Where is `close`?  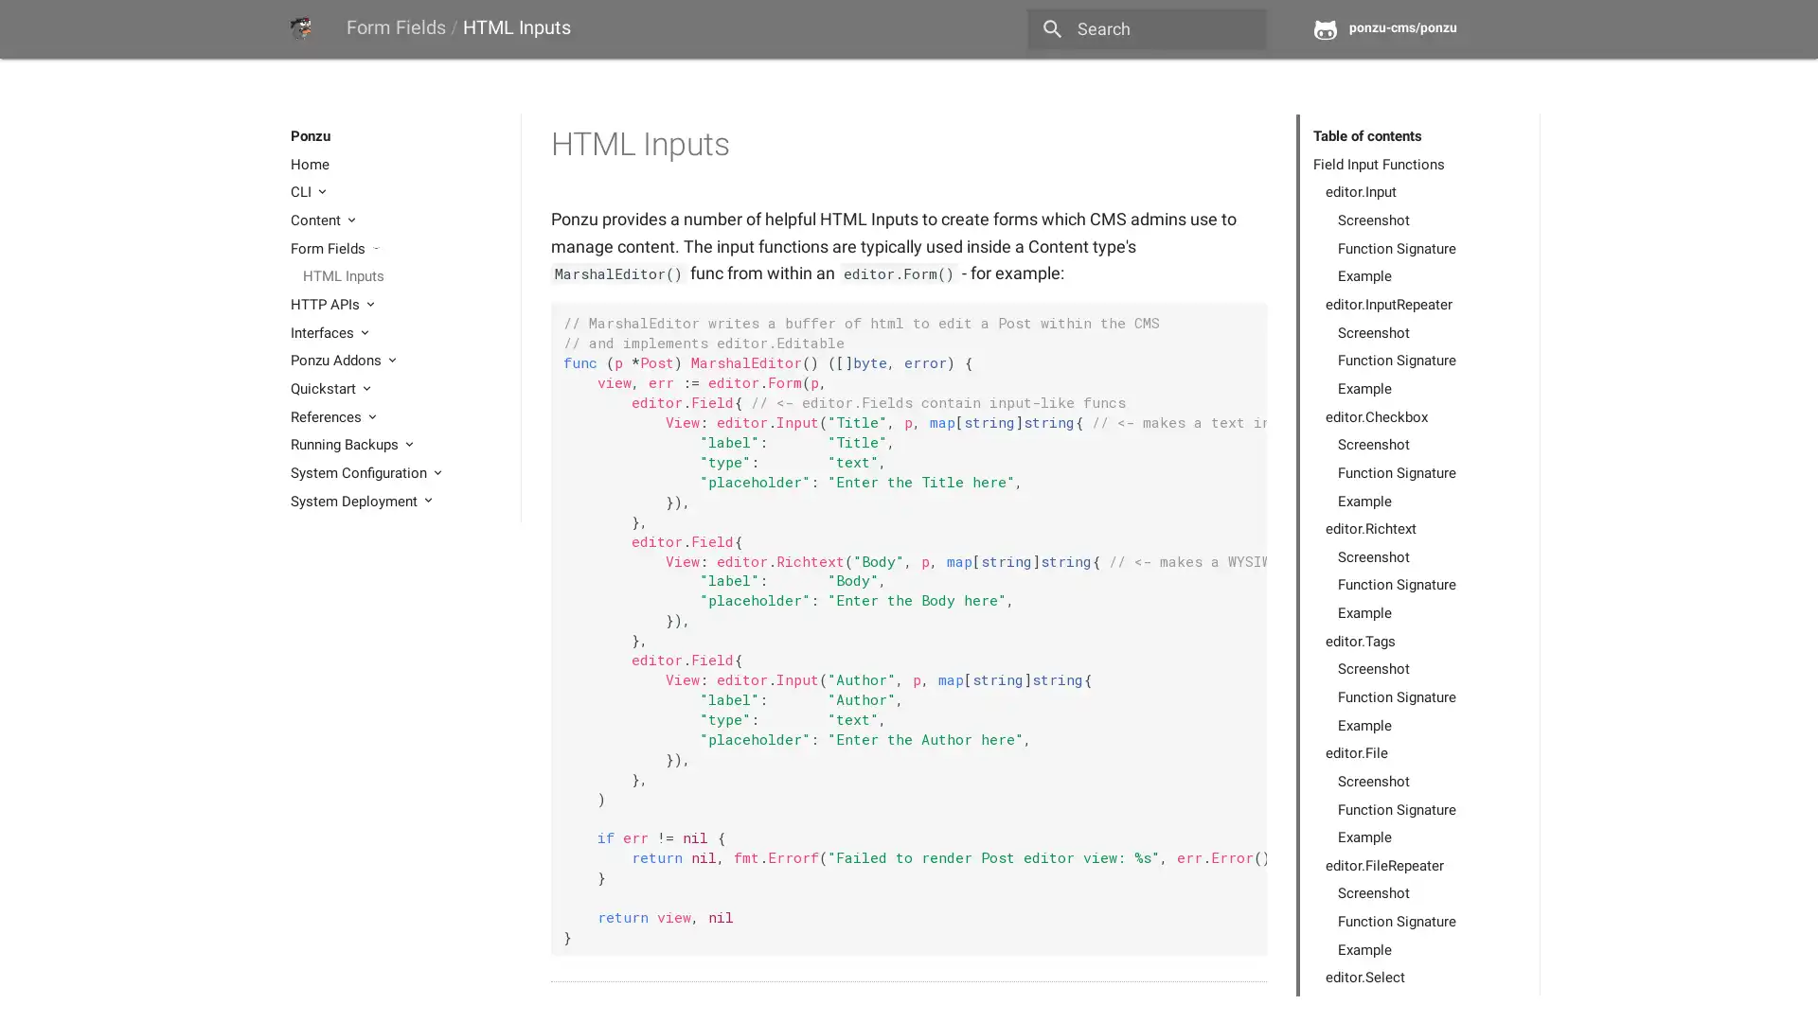 close is located at coordinates (1241, 28).